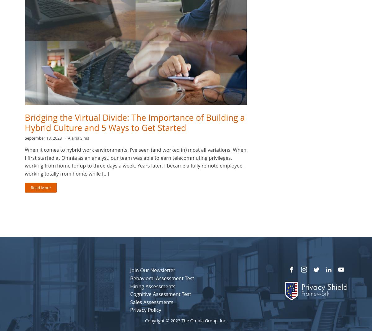 This screenshot has width=372, height=331. Describe the element at coordinates (162, 277) in the screenshot. I see `'Behavioral Assessment Test'` at that location.